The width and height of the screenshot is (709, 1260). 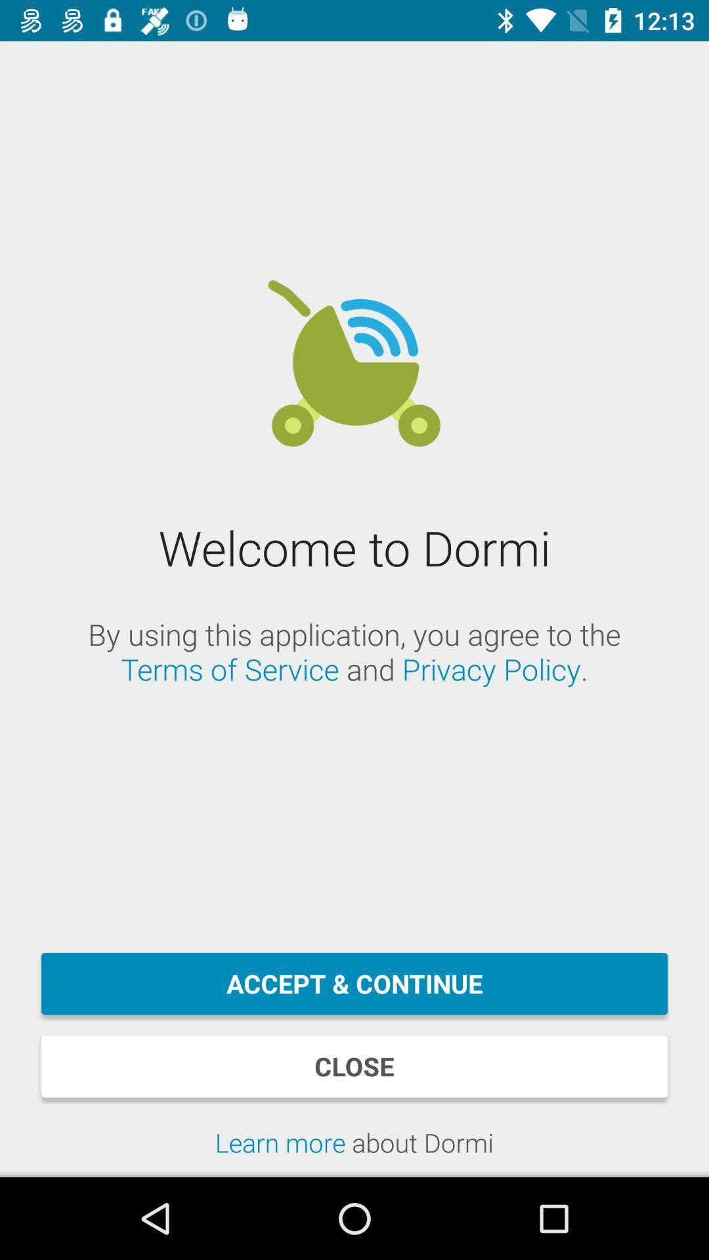 What do you see at coordinates (354, 1150) in the screenshot?
I see `the item below close item` at bounding box center [354, 1150].